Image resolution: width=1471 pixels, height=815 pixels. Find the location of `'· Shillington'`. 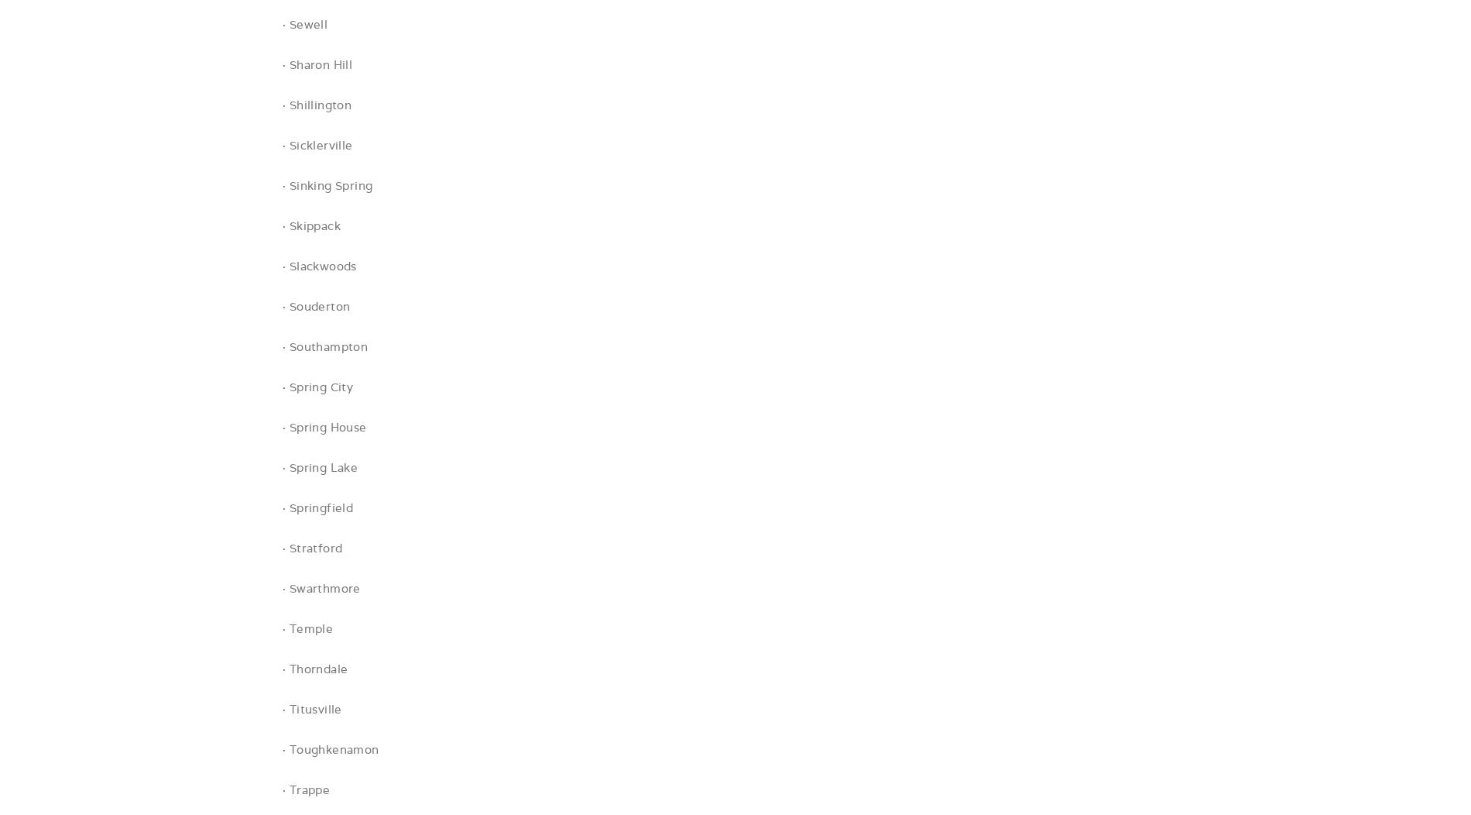

'· Shillington' is located at coordinates (316, 104).